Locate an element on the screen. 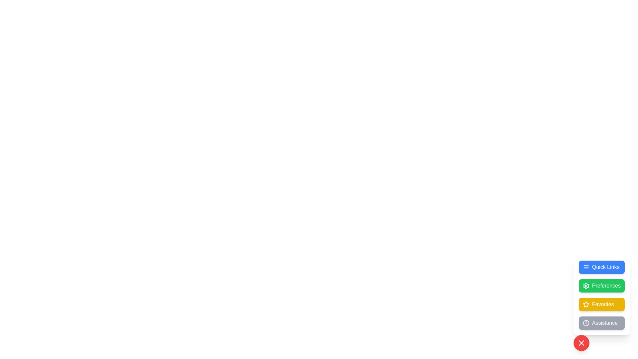 This screenshot has width=638, height=359. the top-right button in the dialog that provides access to quick links or a menu for keyboard navigation is located at coordinates (601, 267).